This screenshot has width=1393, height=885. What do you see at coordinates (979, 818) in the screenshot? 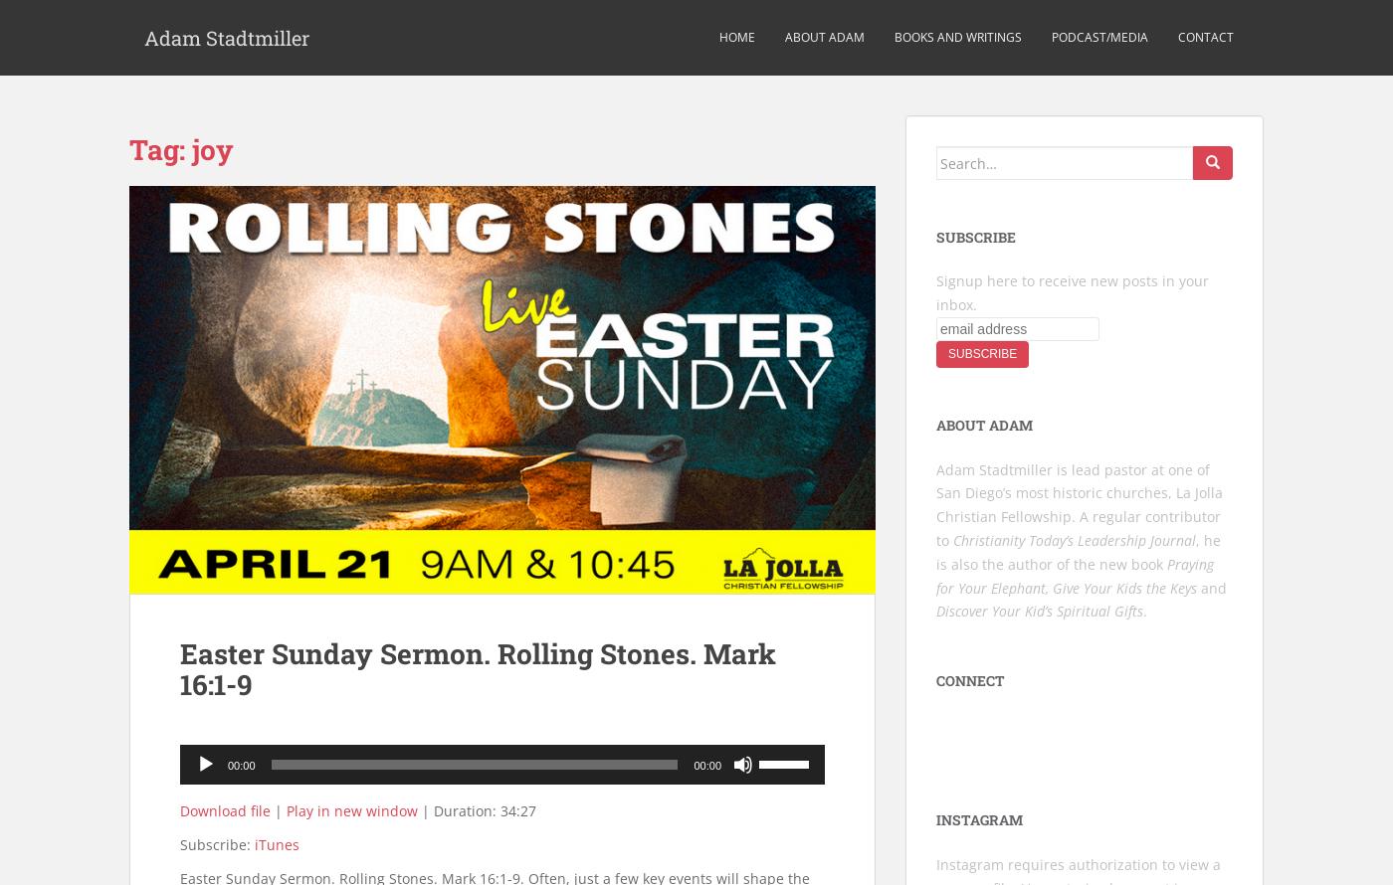
I see `'Instagram'` at bounding box center [979, 818].